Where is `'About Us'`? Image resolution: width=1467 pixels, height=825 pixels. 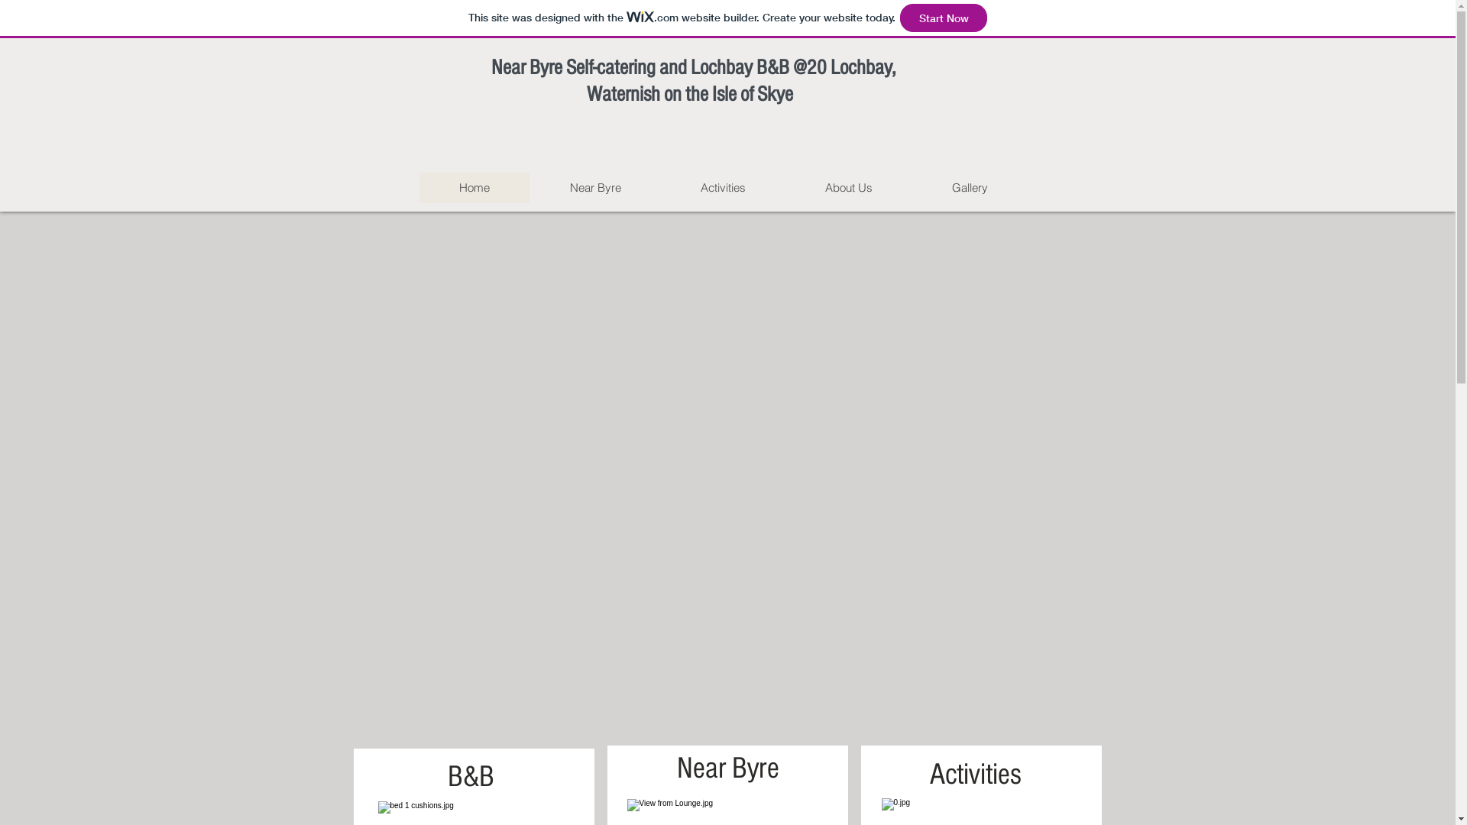 'About Us' is located at coordinates (847, 187).